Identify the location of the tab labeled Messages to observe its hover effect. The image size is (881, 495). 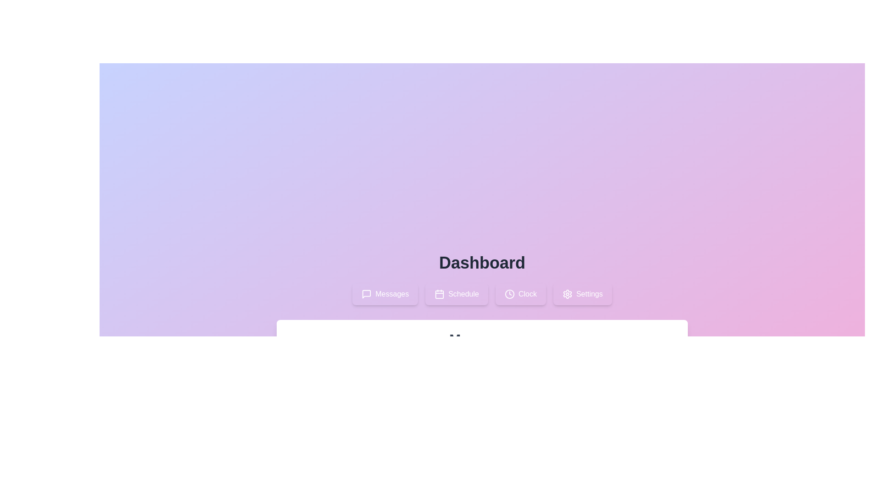
(385, 294).